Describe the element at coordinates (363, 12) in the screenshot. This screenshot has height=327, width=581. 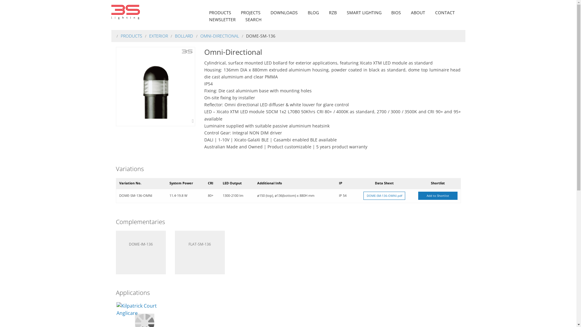
I see `'SMART LIGHTING'` at that location.